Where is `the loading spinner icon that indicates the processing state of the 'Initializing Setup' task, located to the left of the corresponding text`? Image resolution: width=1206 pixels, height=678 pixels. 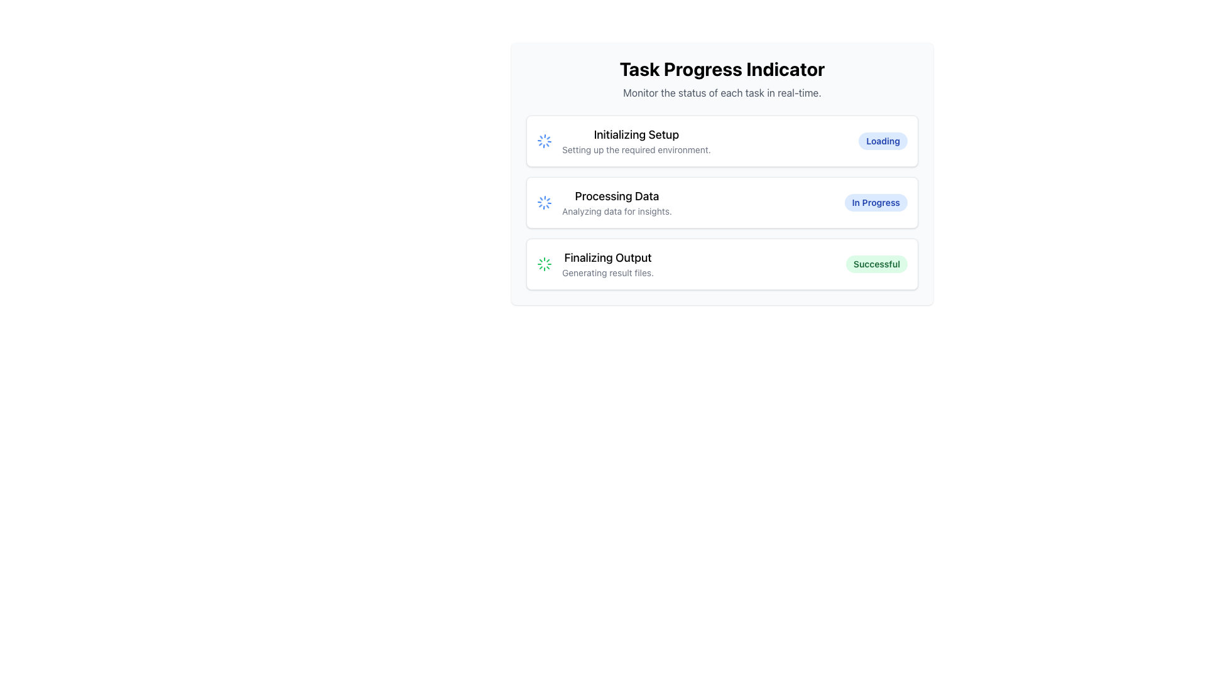
the loading spinner icon that indicates the processing state of the 'Initializing Setup' task, located to the left of the corresponding text is located at coordinates (545, 141).